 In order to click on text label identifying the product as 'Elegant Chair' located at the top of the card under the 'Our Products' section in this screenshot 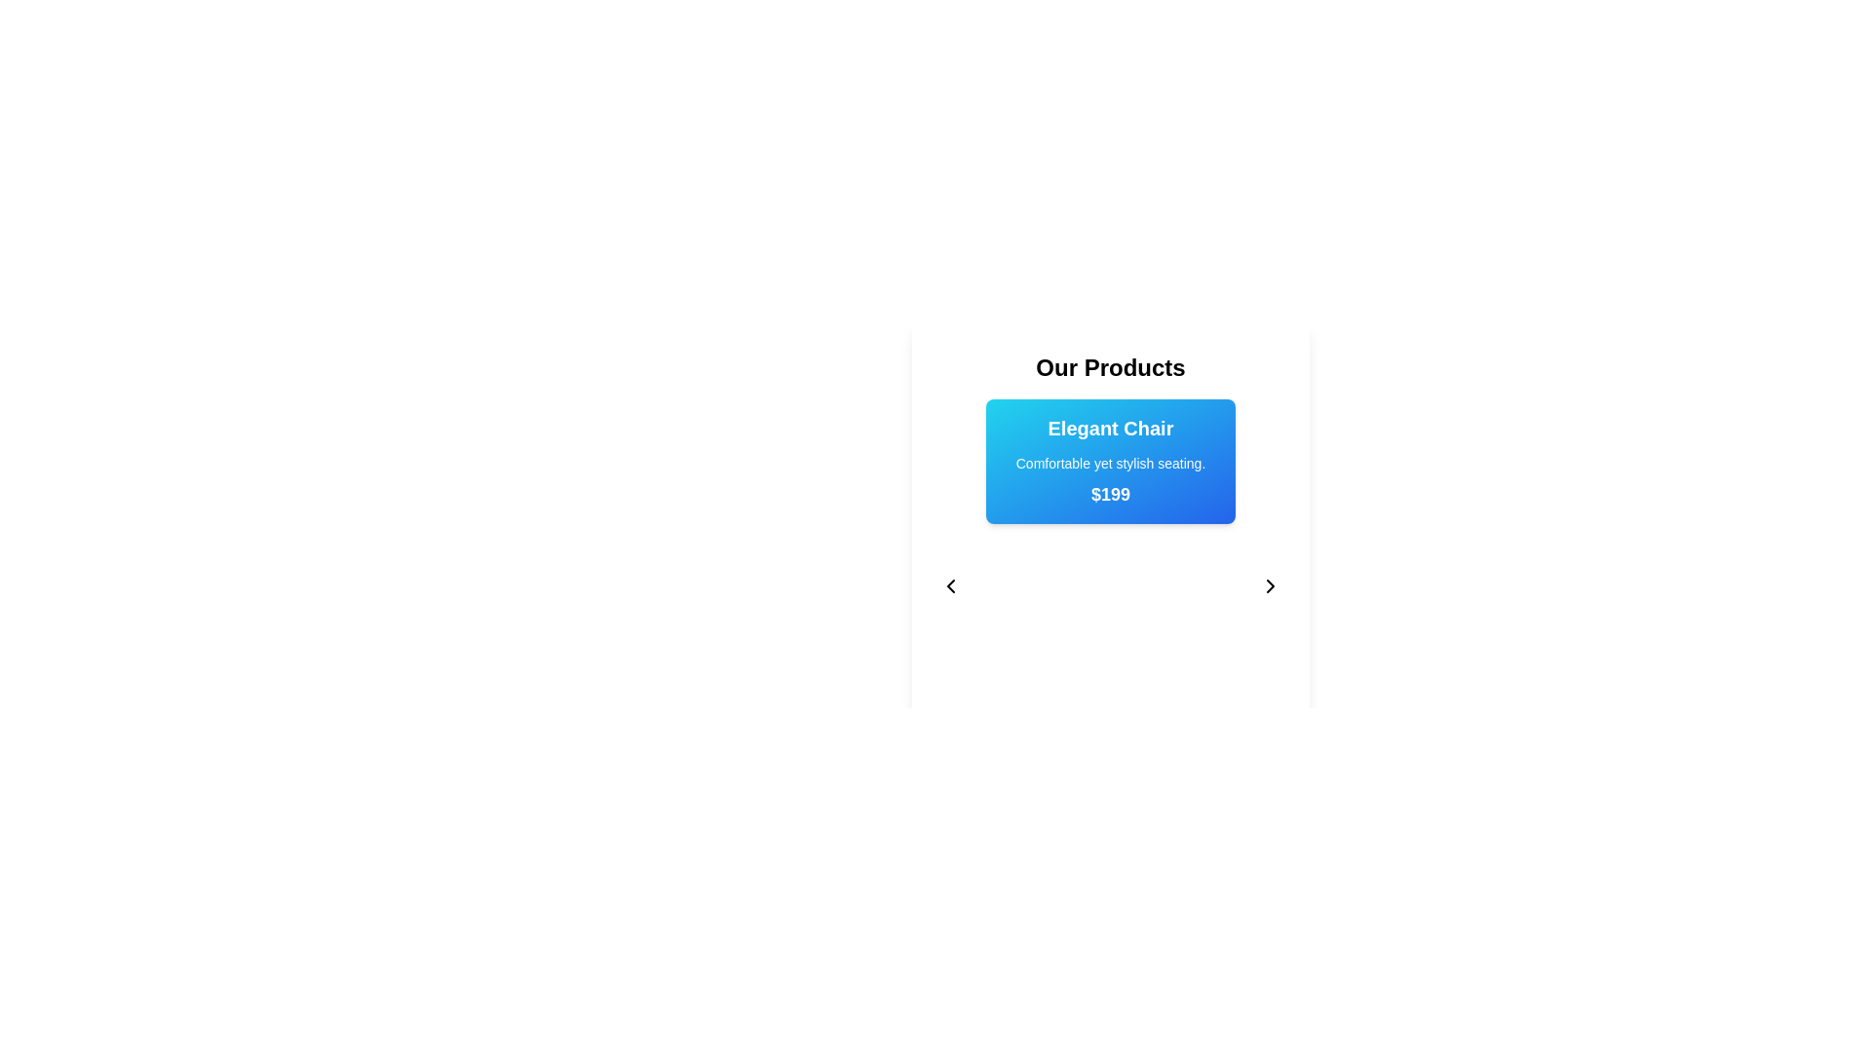, I will do `click(1110, 427)`.